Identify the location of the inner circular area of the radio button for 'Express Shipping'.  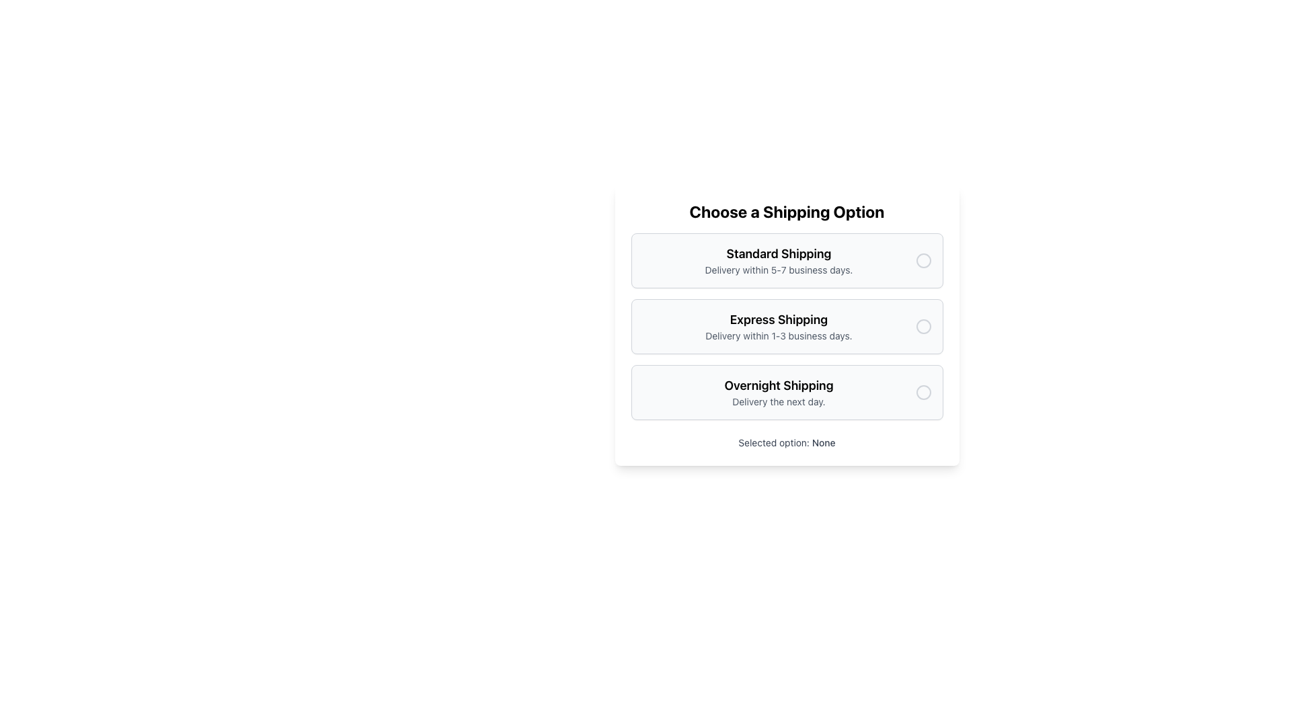
(923, 327).